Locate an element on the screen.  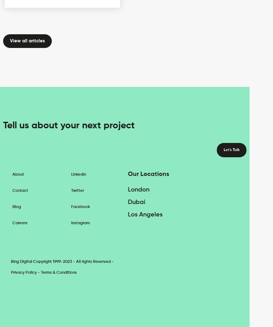
'-' is located at coordinates (37, 272).